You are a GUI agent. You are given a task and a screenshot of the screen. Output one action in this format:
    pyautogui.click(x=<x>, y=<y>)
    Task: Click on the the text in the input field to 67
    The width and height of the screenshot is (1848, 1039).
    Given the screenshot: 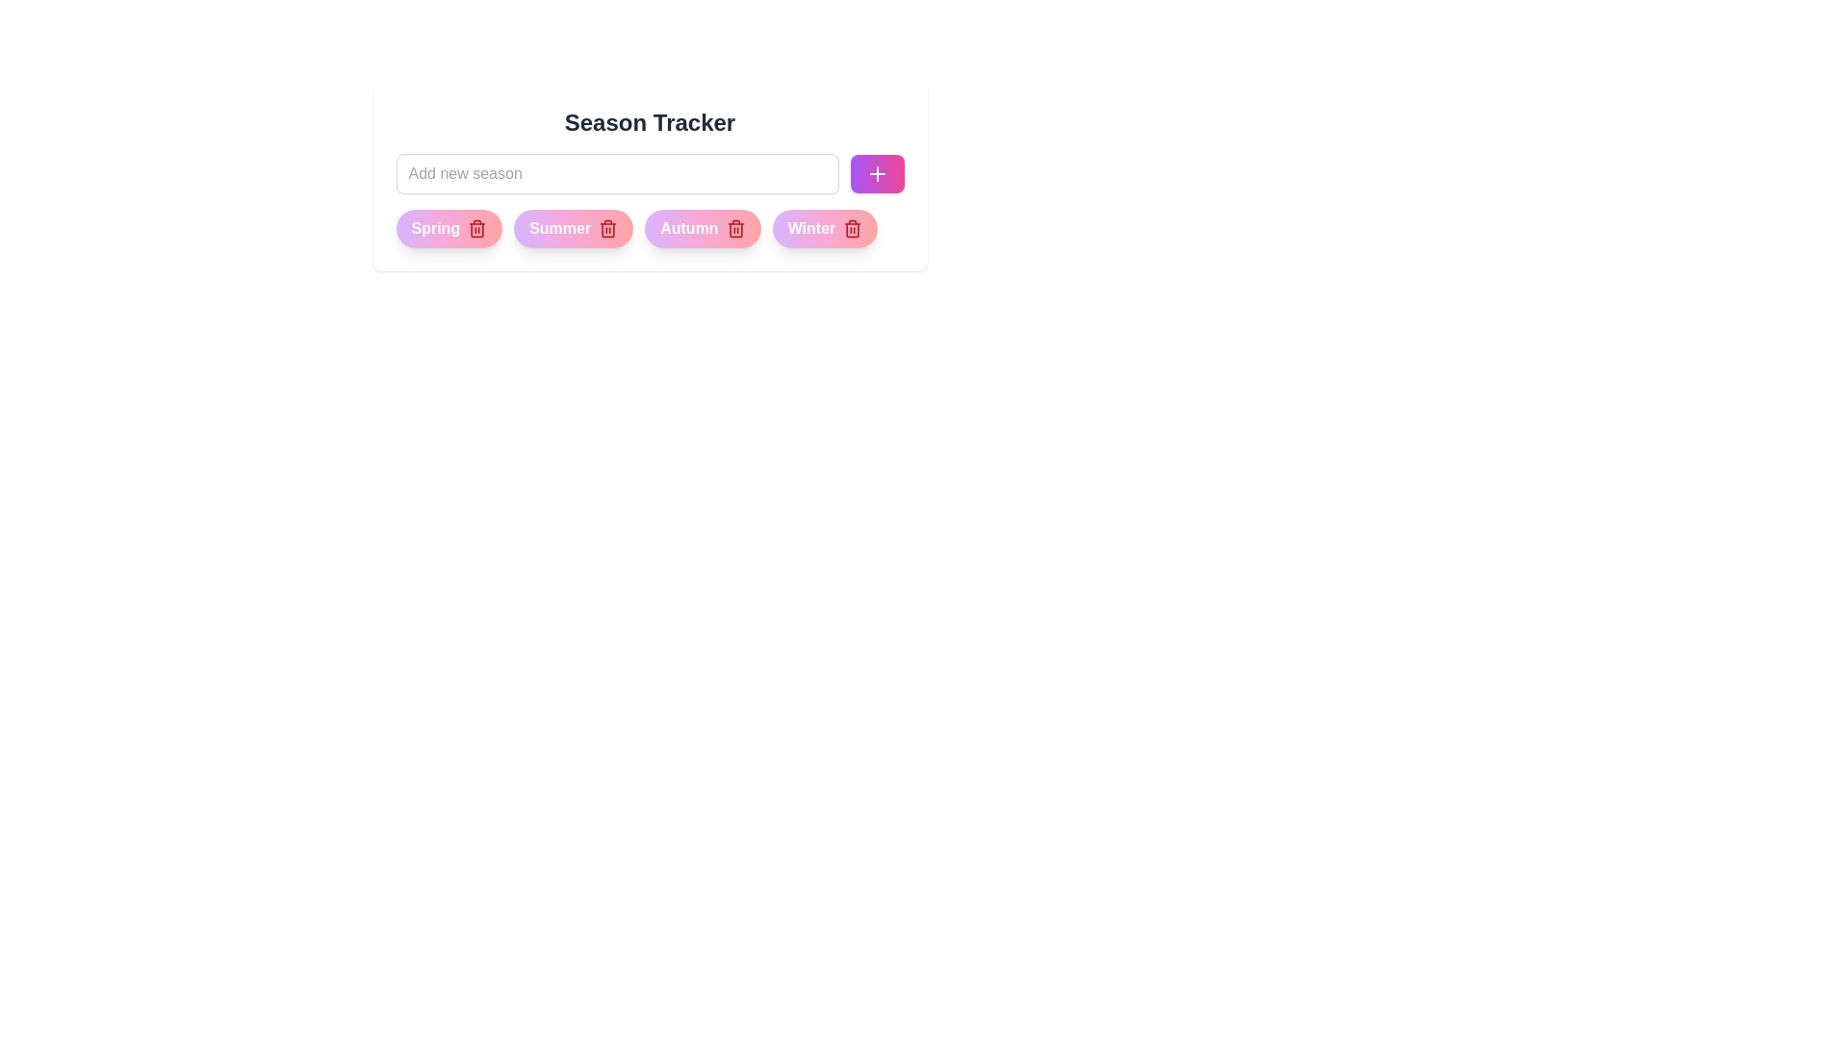 What is the action you would take?
    pyautogui.click(x=617, y=174)
    